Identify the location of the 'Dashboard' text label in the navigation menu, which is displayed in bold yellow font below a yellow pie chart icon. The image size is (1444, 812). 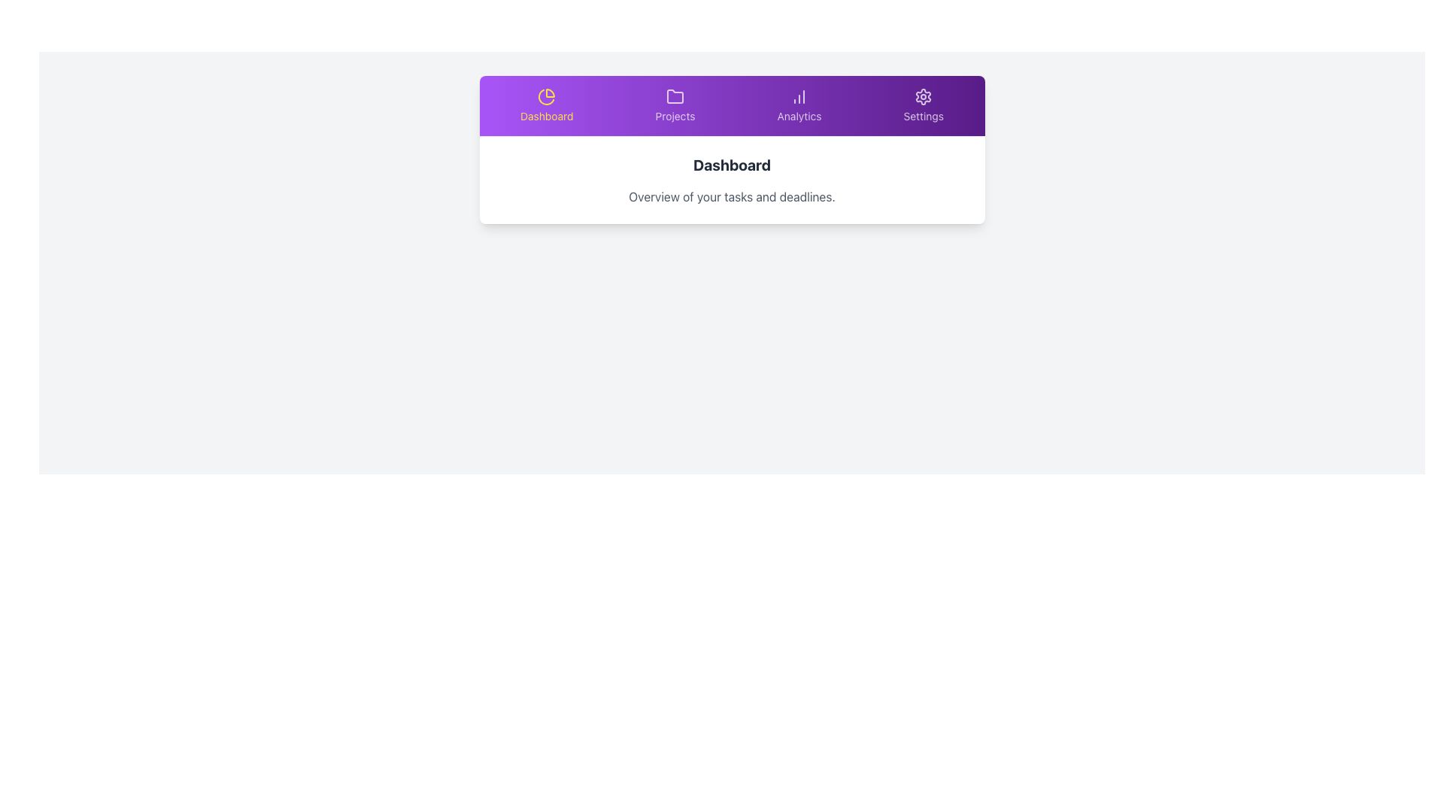
(546, 115).